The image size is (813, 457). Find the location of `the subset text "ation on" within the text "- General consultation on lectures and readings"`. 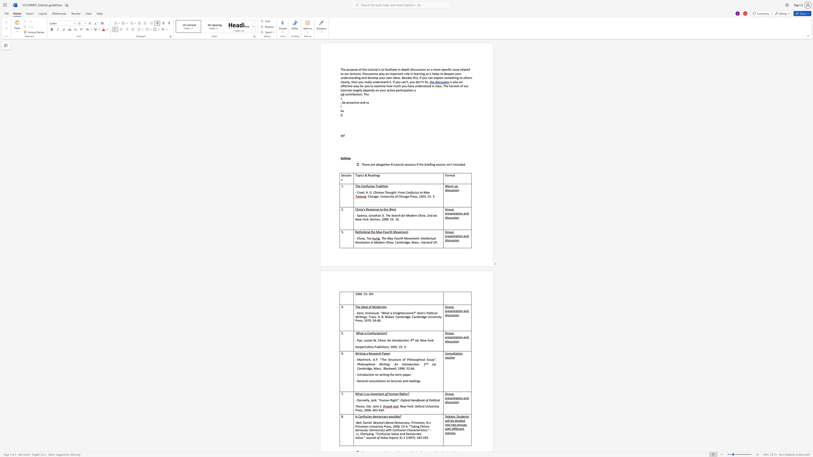

the subset text "ation on" within the text "- General consultation on lectures and readings" is located at coordinates (378, 381).